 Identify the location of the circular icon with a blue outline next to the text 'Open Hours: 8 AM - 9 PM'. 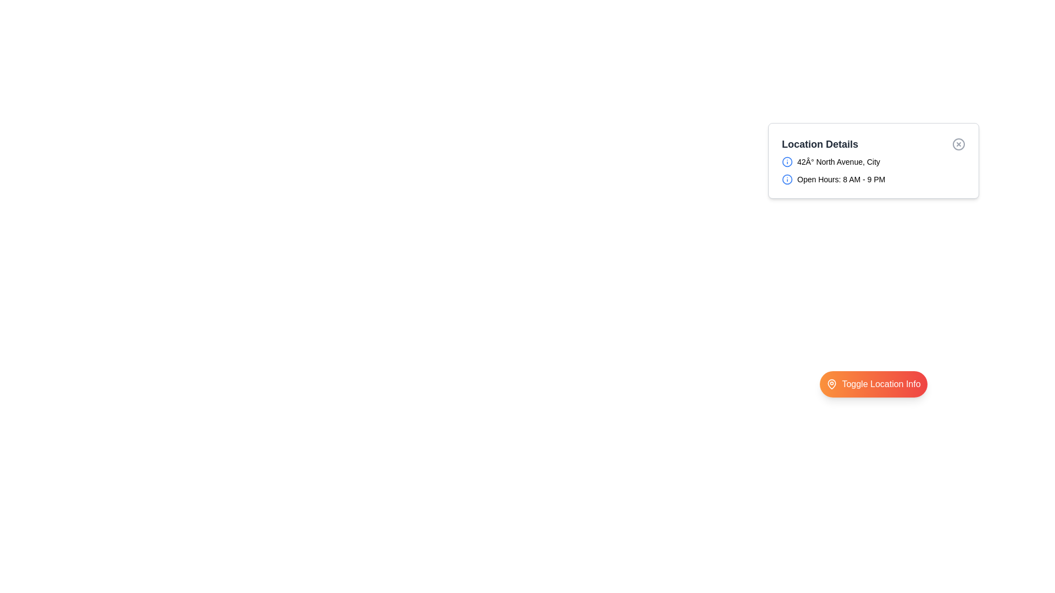
(787, 179).